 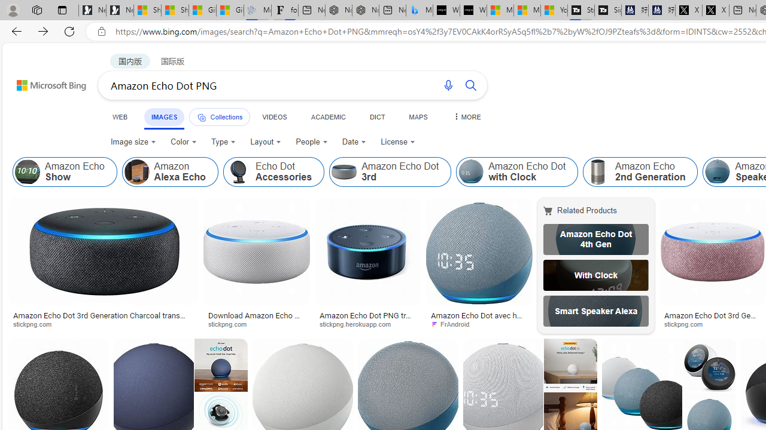 I want to click on 'DICT', so click(x=376, y=116).